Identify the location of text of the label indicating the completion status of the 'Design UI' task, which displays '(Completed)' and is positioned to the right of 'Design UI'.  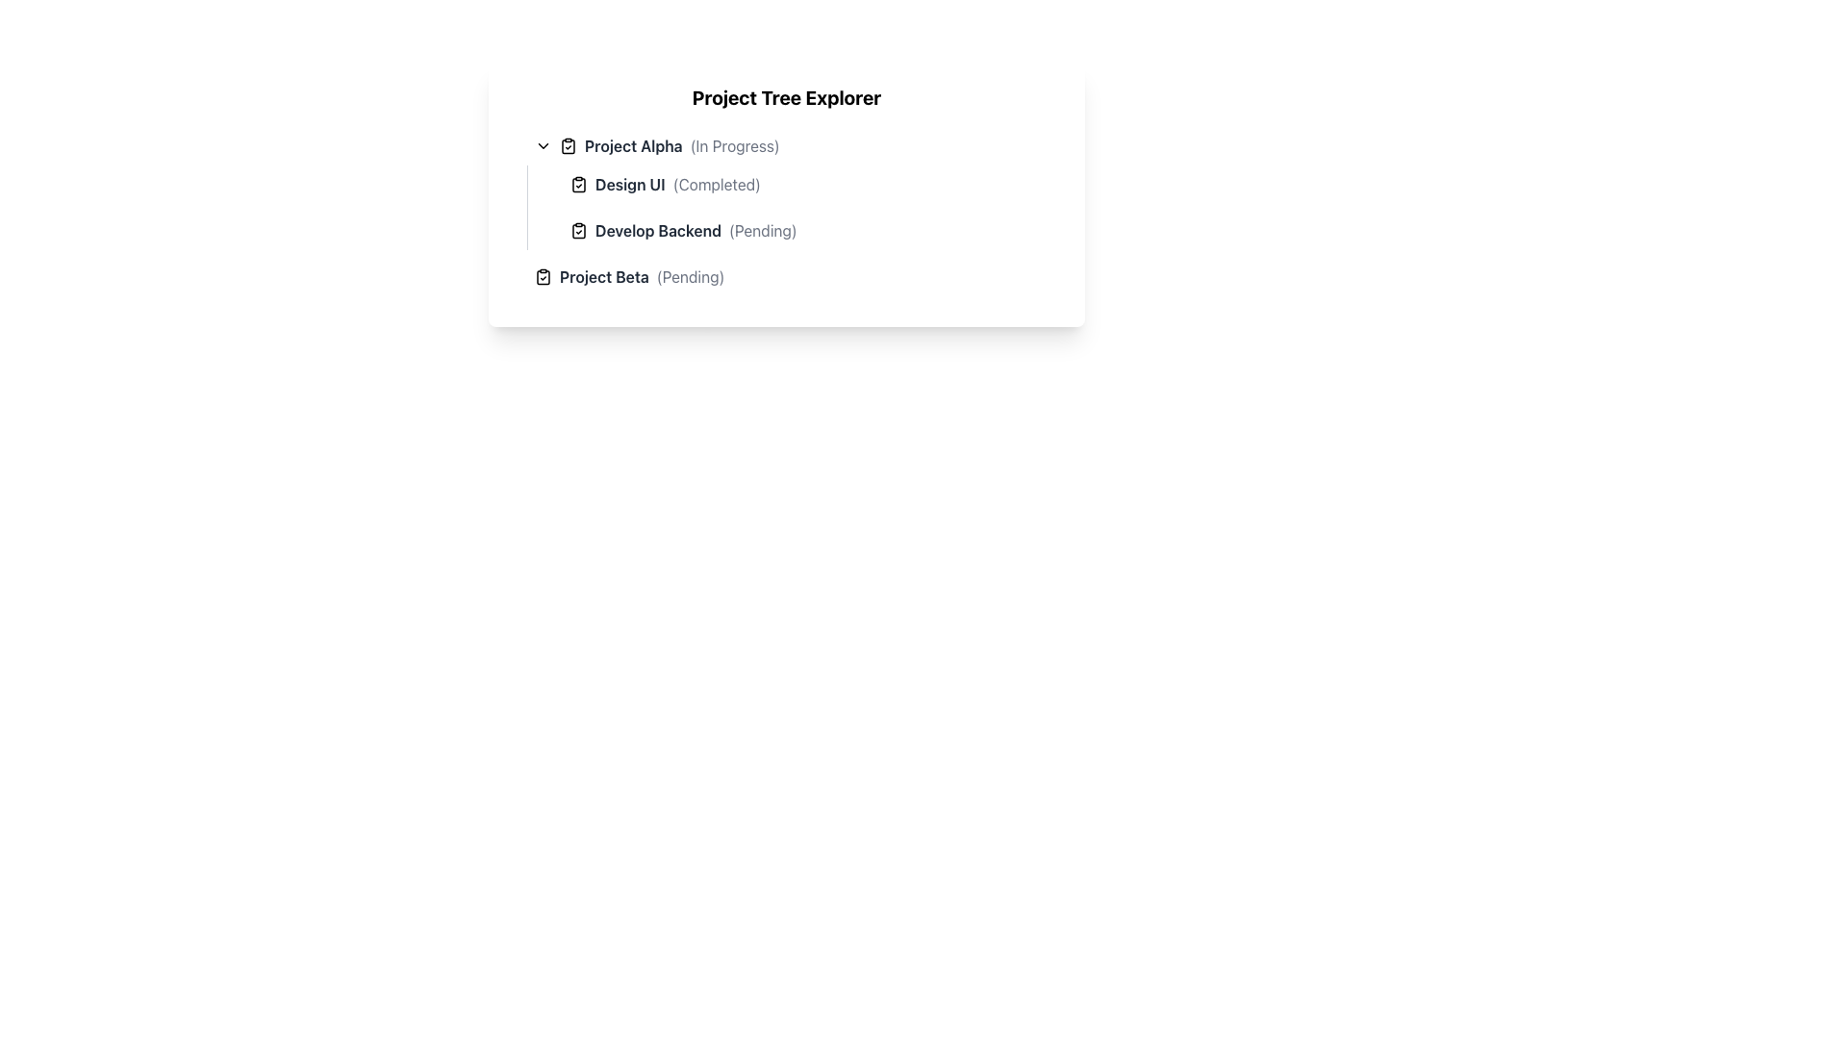
(716, 185).